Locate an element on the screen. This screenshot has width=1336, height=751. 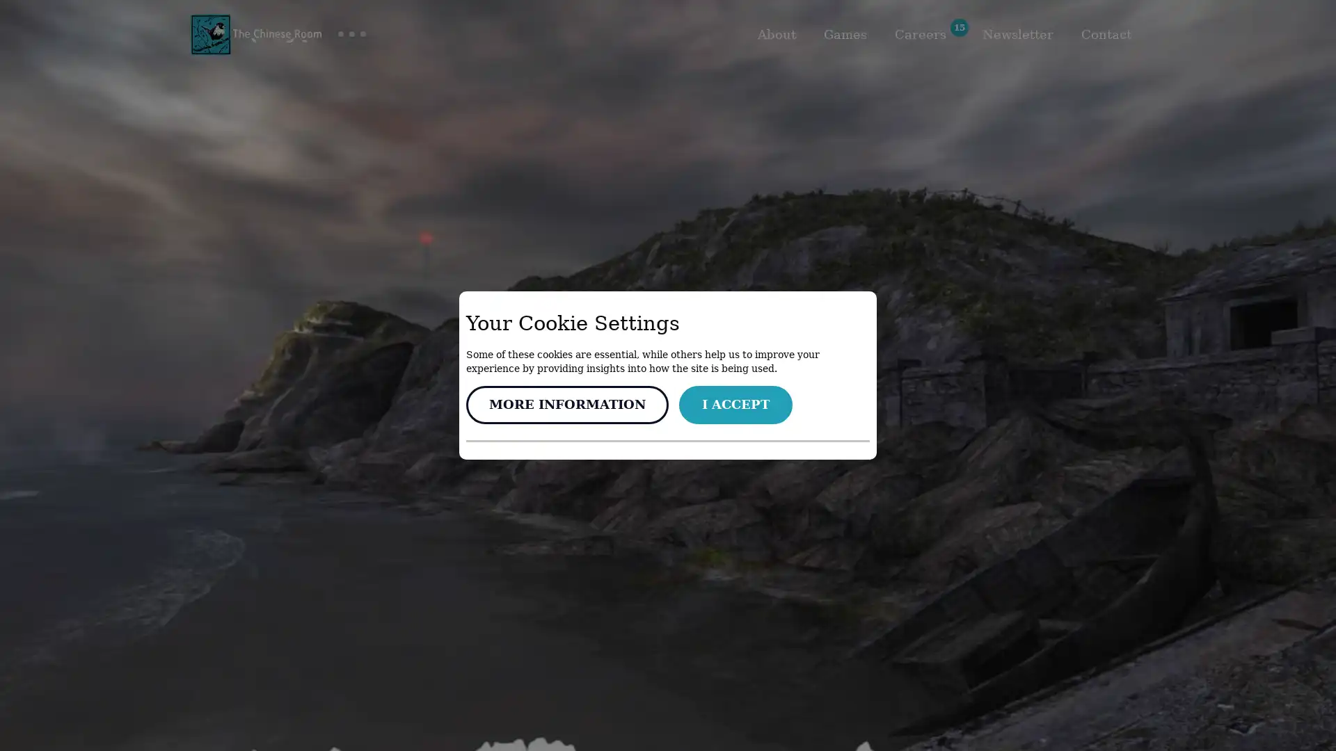
MORE INFORMATION is located at coordinates (567, 405).